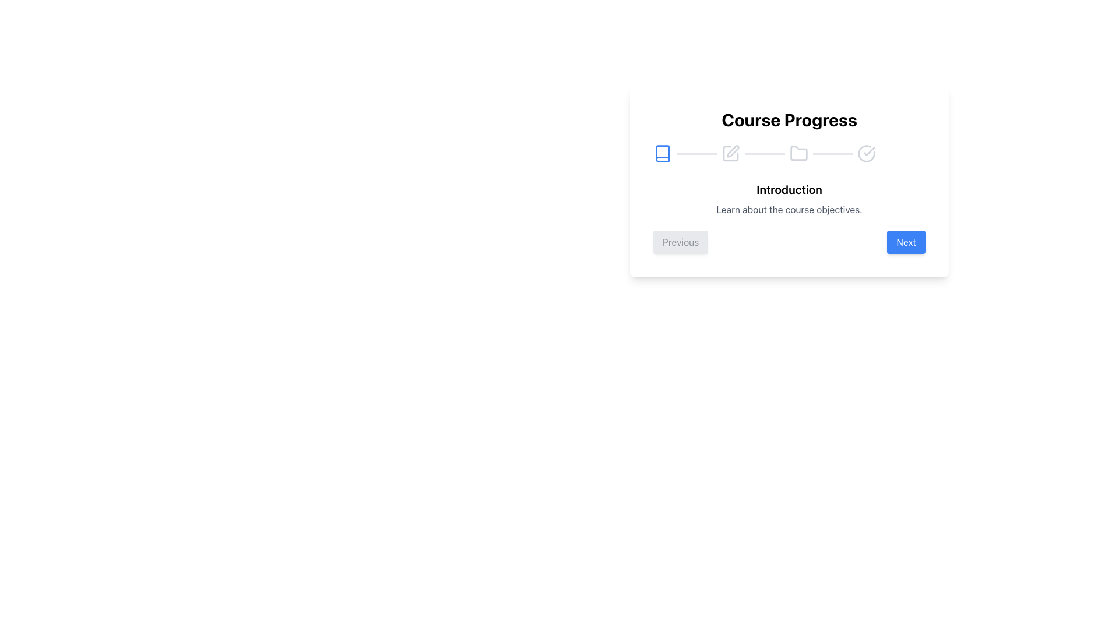 This screenshot has height=629, width=1119. I want to click on the central part of the open book icon in the course's progress tracker, which is the leftmost icon adjacent to the title 'Course Progress.', so click(663, 153).